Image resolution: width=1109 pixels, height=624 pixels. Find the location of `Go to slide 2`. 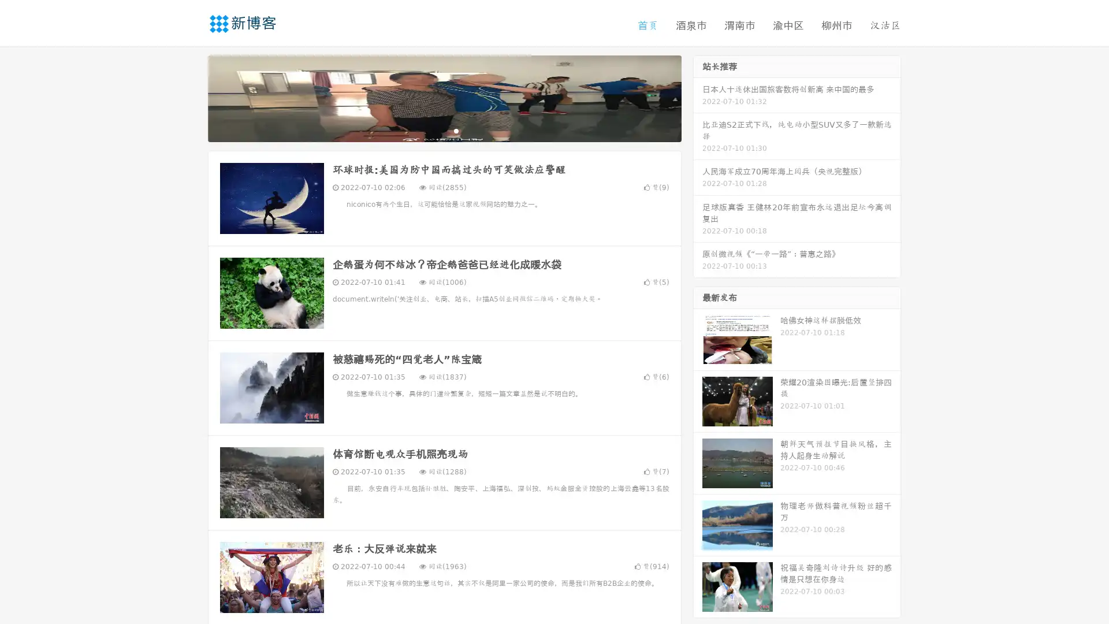

Go to slide 2 is located at coordinates (444, 130).